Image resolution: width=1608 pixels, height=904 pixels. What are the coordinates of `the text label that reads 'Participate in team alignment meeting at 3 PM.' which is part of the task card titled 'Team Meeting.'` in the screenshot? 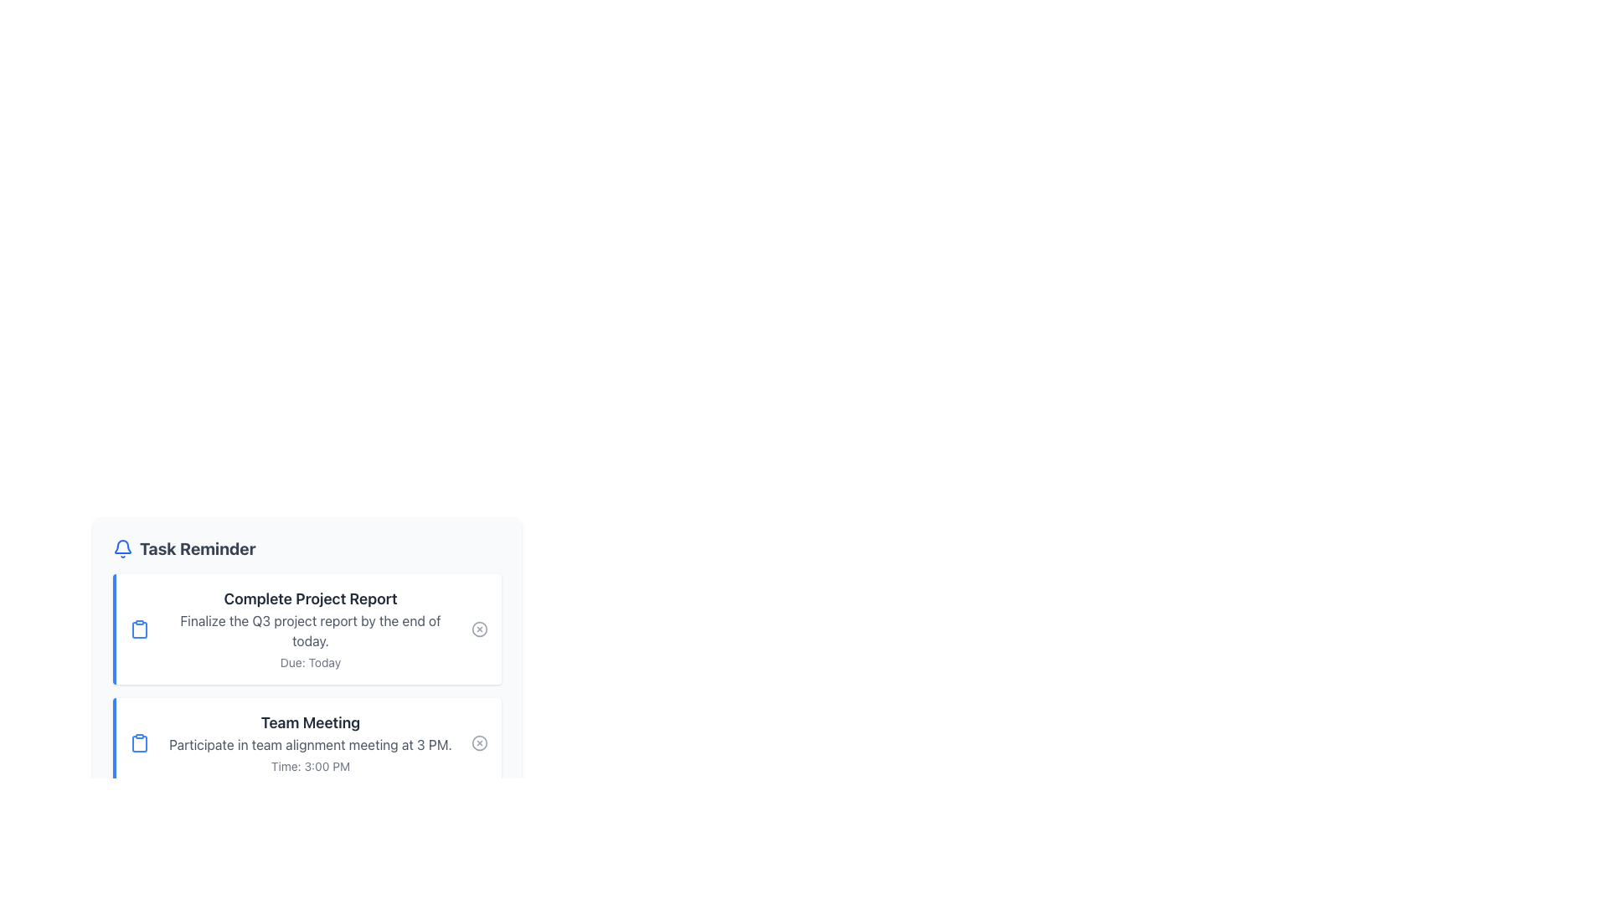 It's located at (310, 744).